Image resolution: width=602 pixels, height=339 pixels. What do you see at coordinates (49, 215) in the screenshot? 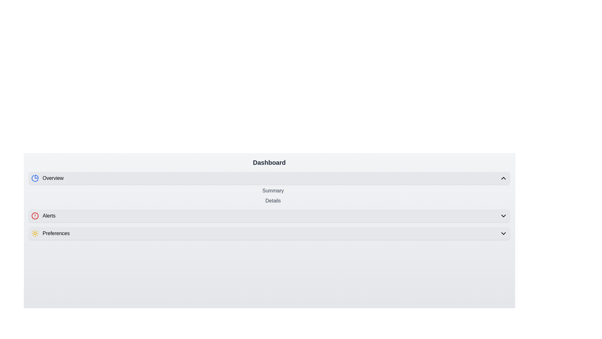
I see `the 'Alerts' label located in the second item of a vertical list of options, next to the red circular alert icon` at bounding box center [49, 215].